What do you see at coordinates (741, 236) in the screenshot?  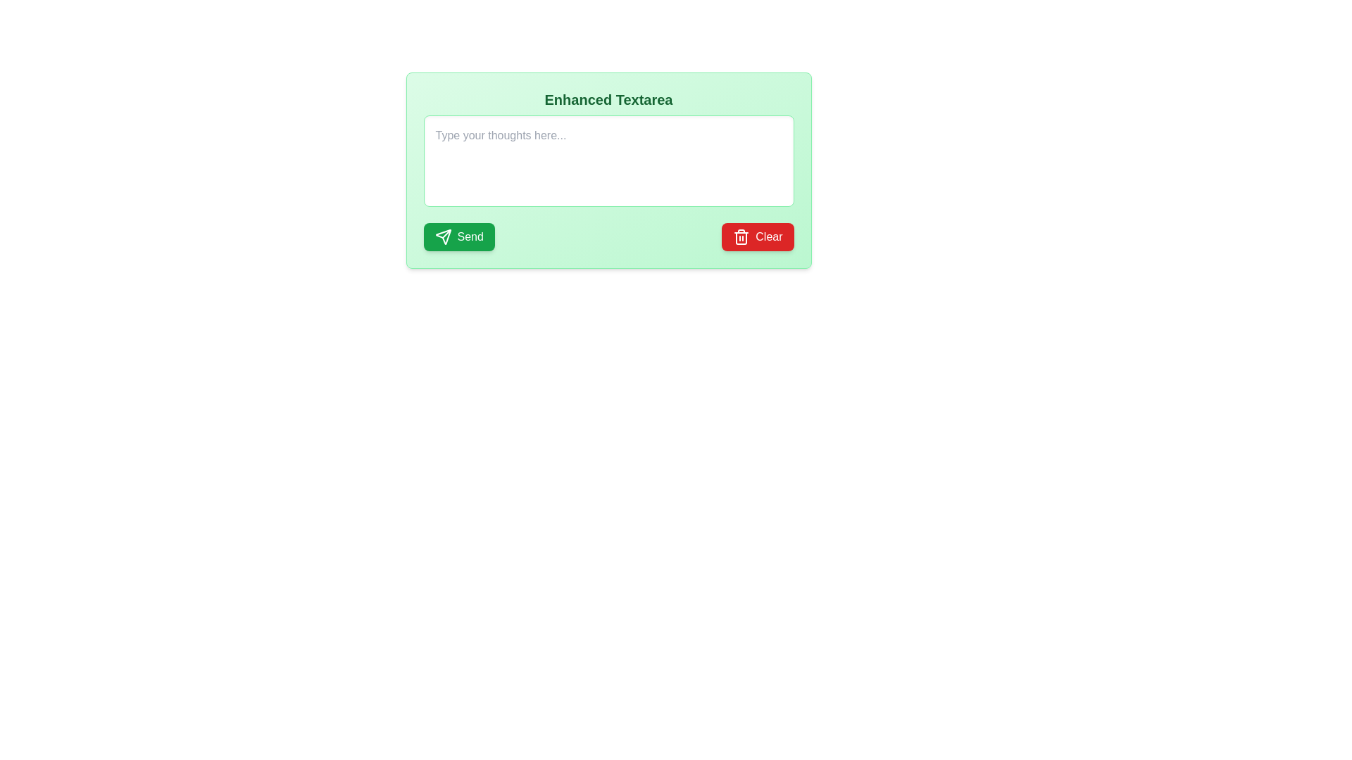 I see `the appearance of the red trash can icon located within the 'Clear' button in the bottom-right corner of the interface` at bounding box center [741, 236].